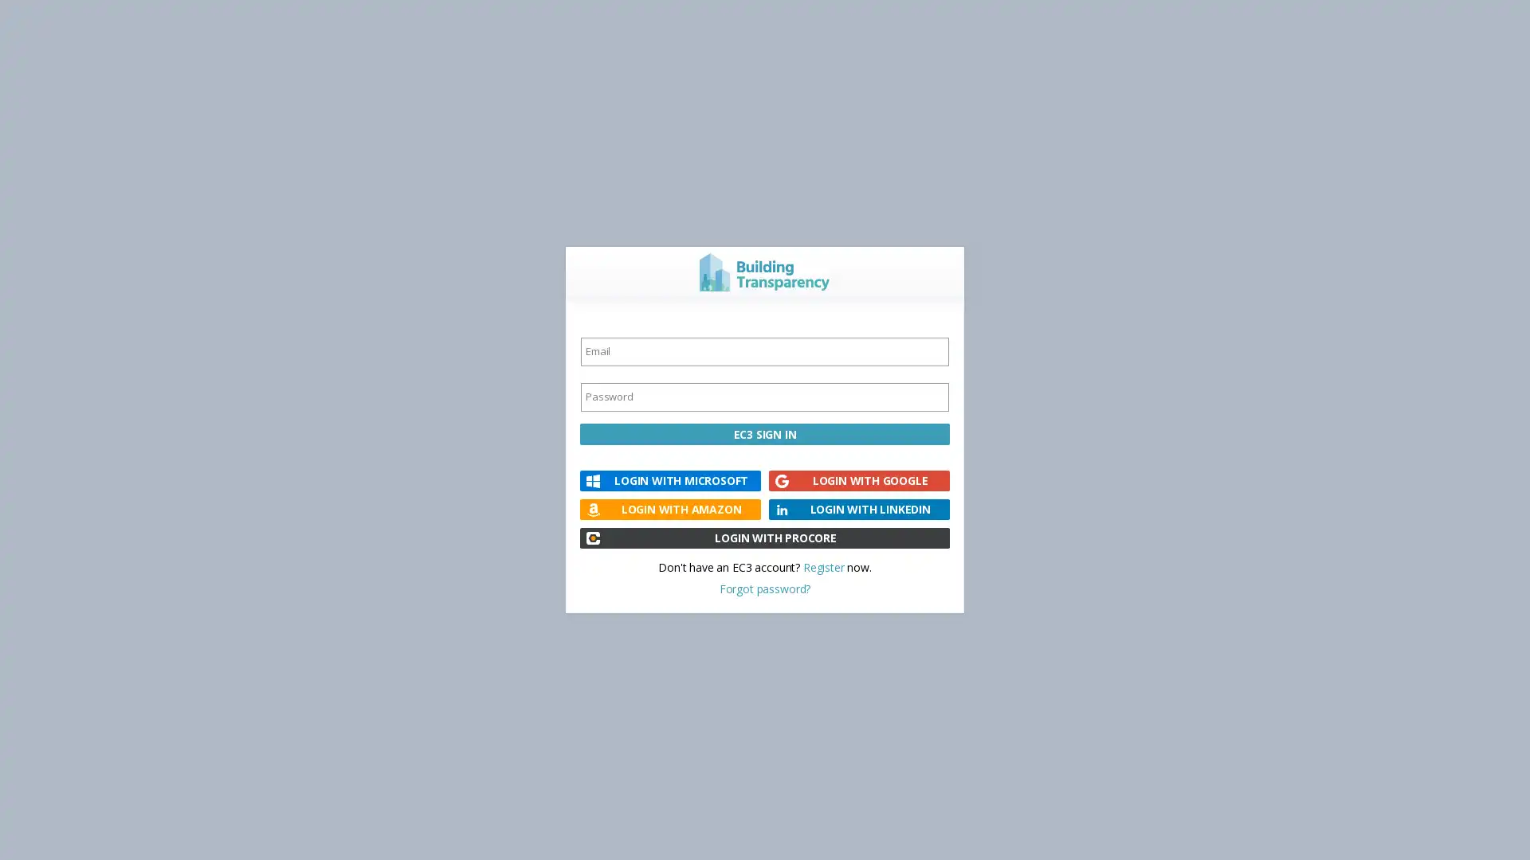  What do you see at coordinates (670, 512) in the screenshot?
I see `LOGIN WITH AMAZON` at bounding box center [670, 512].